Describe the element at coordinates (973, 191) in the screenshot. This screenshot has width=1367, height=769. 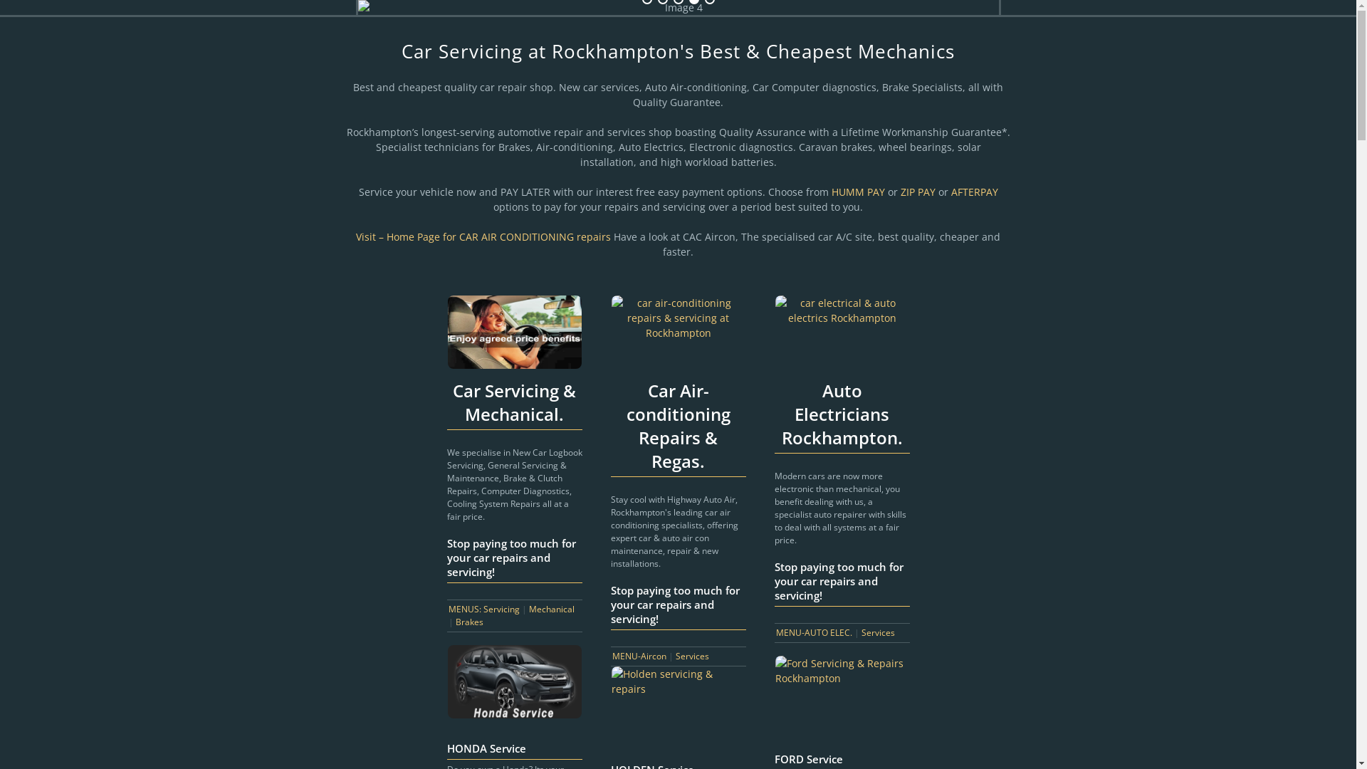
I see `'AFTERPAY'` at that location.